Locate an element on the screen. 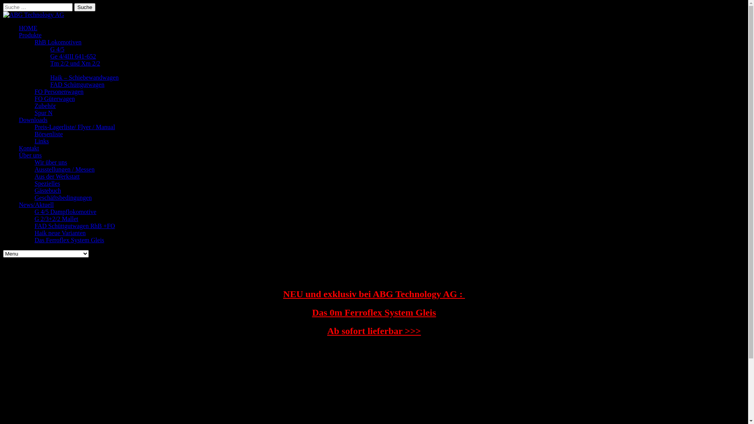  'Produkte' is located at coordinates (30, 35).